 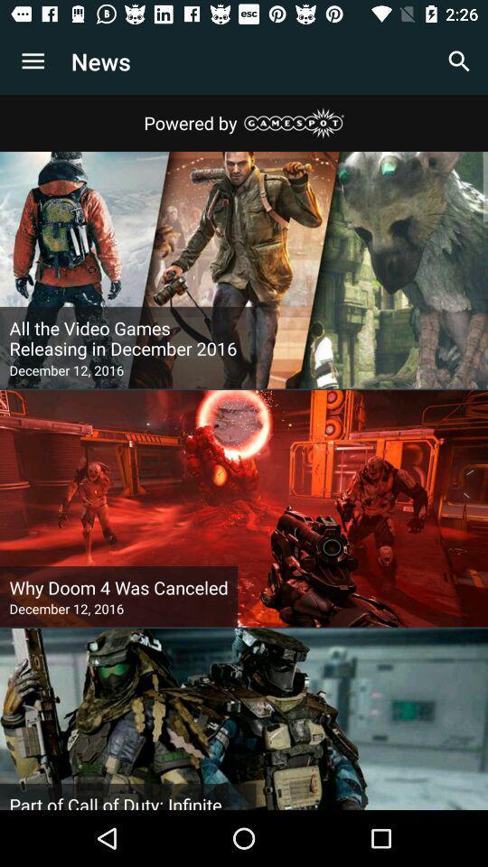 I want to click on why doom 4, so click(x=118, y=586).